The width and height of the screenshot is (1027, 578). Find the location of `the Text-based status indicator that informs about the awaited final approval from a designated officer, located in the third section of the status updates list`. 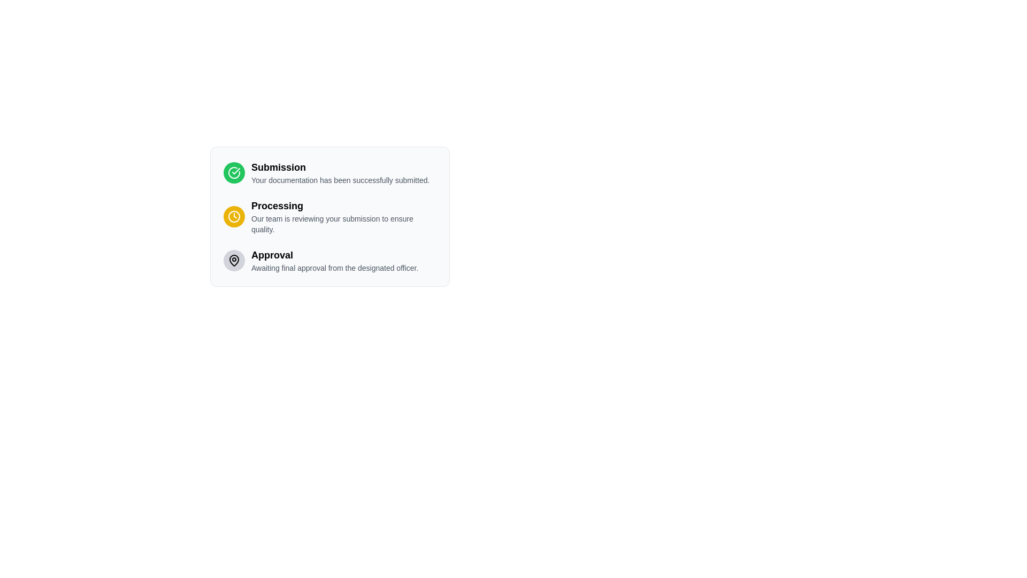

the Text-based status indicator that informs about the awaited final approval from a designated officer, located in the third section of the status updates list is located at coordinates (329, 260).